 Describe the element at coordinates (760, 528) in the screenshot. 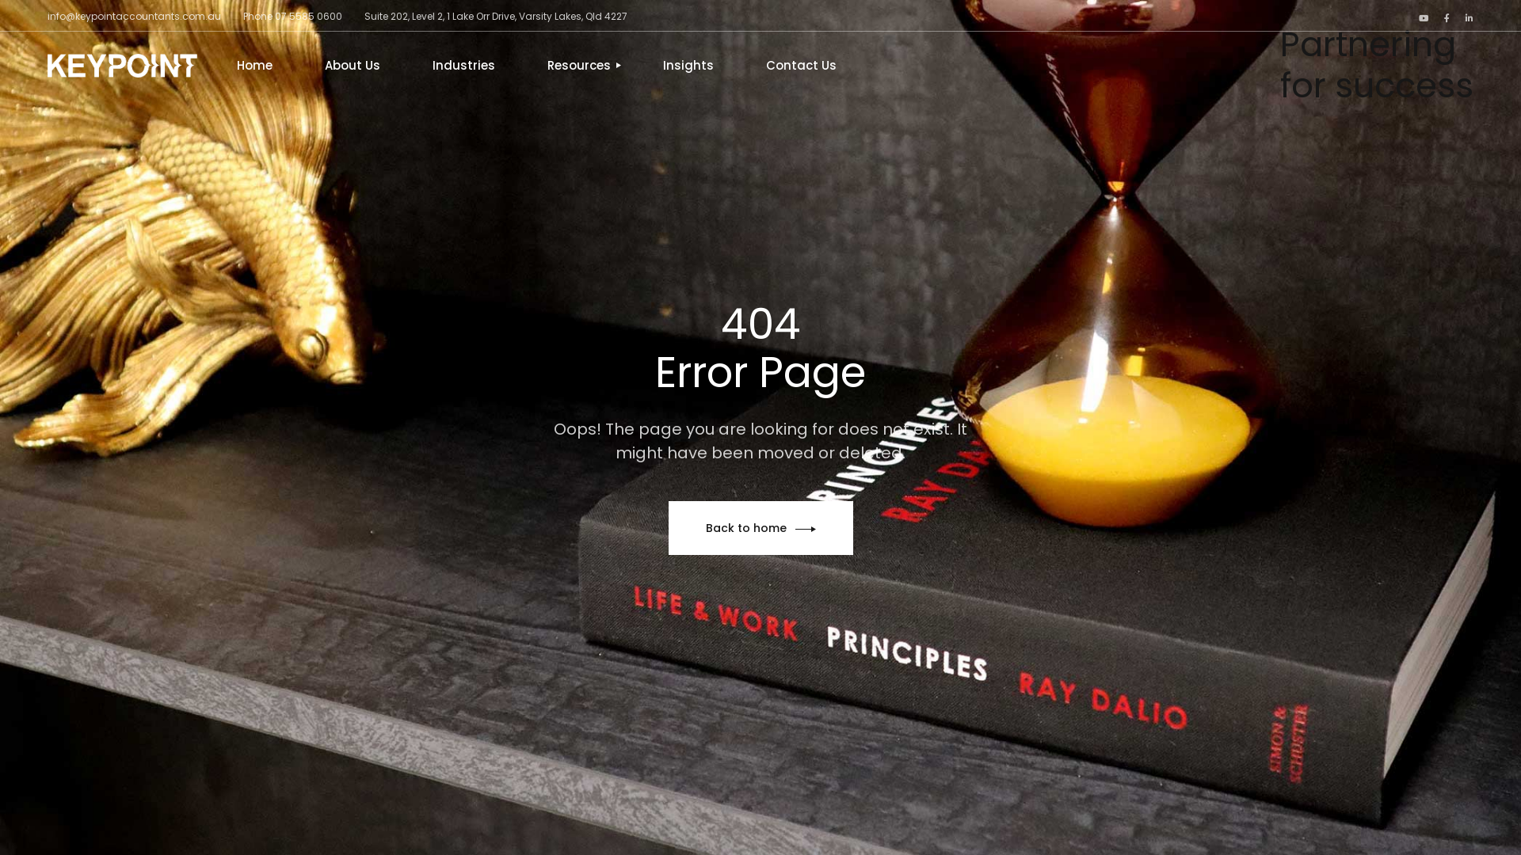

I see `'Back to home'` at that location.